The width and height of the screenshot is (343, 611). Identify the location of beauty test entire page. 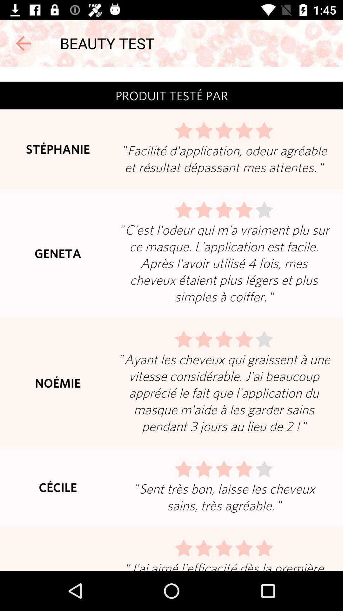
(171, 319).